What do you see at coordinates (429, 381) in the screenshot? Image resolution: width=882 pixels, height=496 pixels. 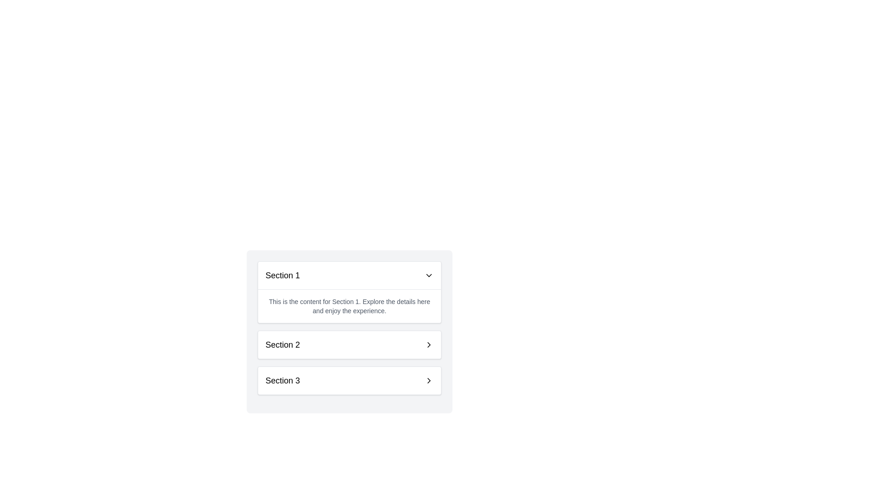 I see `the chevron icon located at the far-right end of the row labeled 'Section 3'` at bounding box center [429, 381].